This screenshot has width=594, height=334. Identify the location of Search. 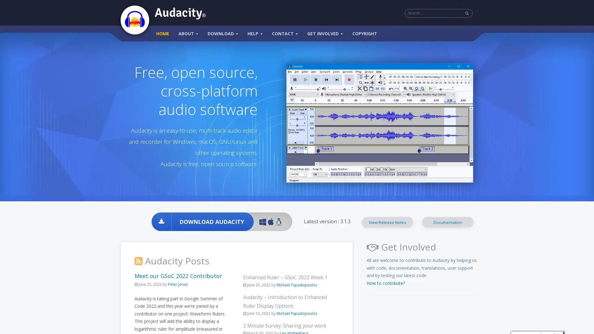
(467, 13).